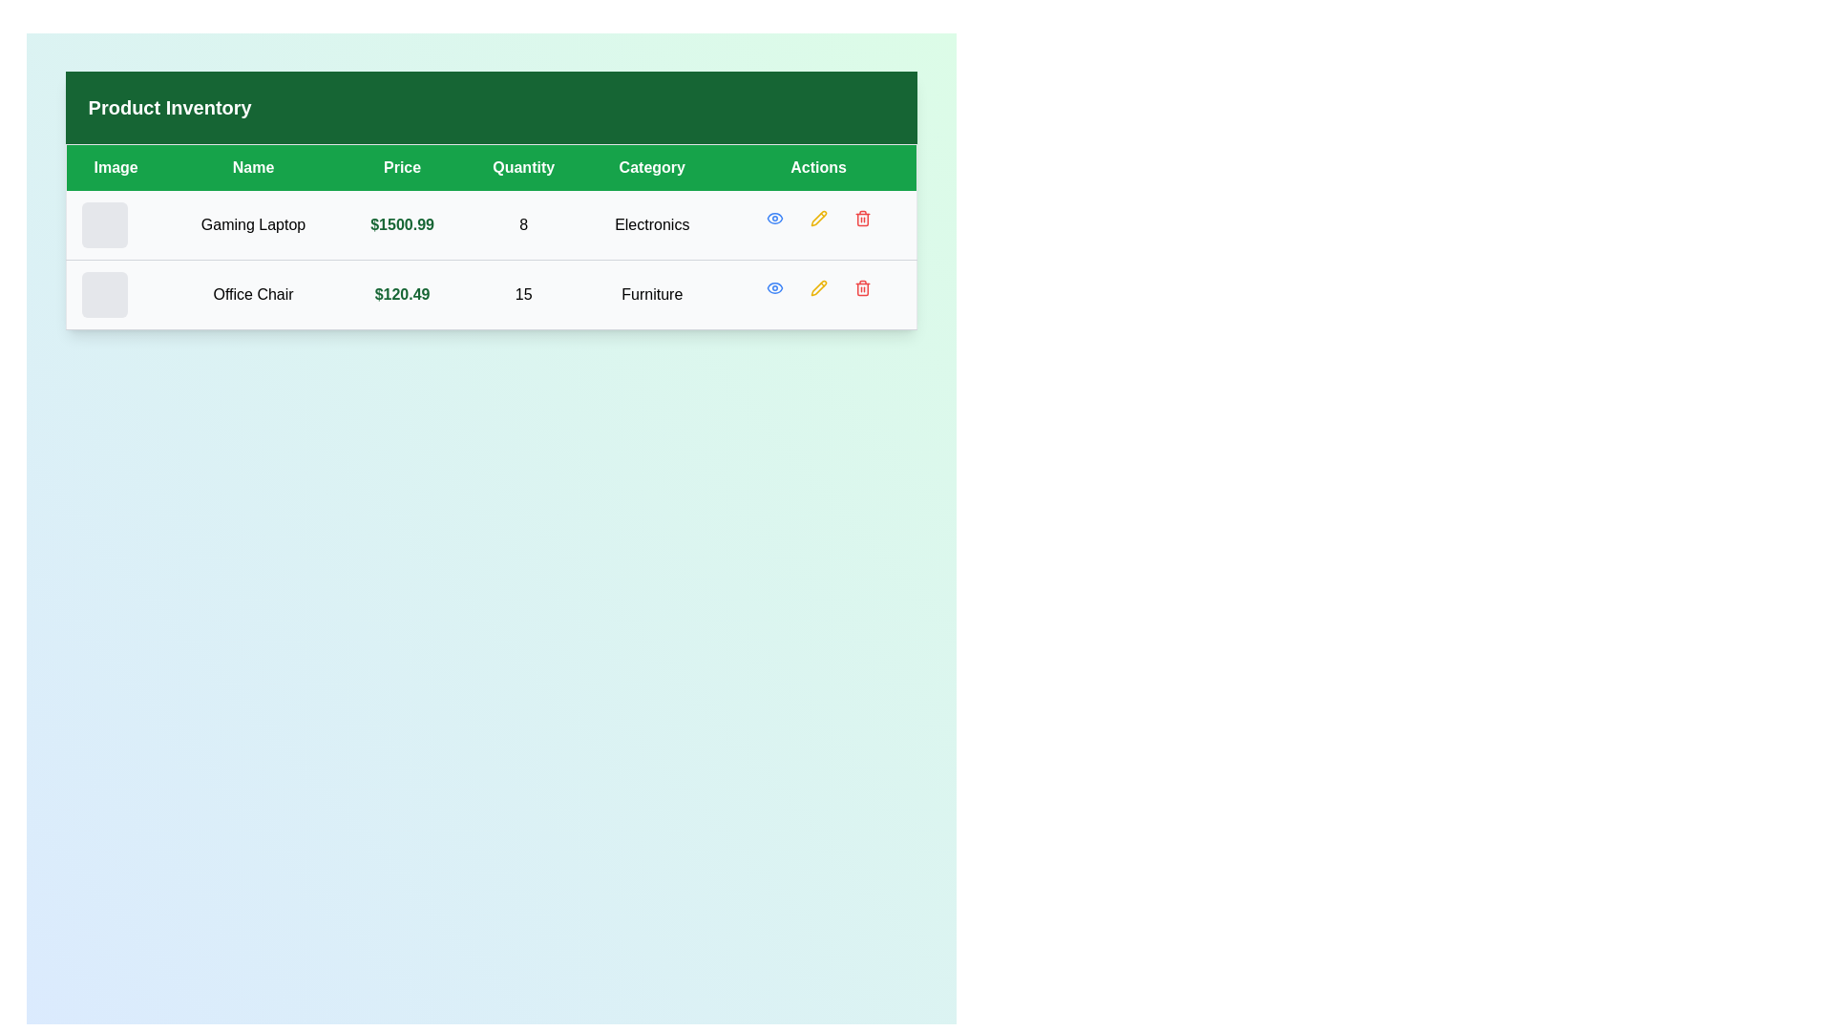 This screenshot has height=1031, width=1833. I want to click on the 'edit' icon button located in the 'Actions' column of the second row in the tabular layout, so click(818, 287).